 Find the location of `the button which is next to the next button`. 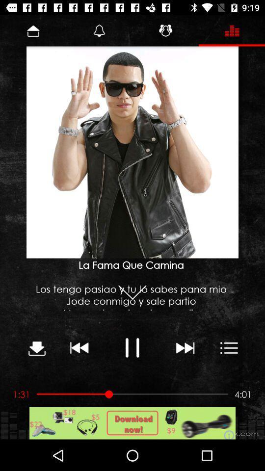

the button which is next to the next button is located at coordinates (230, 347).